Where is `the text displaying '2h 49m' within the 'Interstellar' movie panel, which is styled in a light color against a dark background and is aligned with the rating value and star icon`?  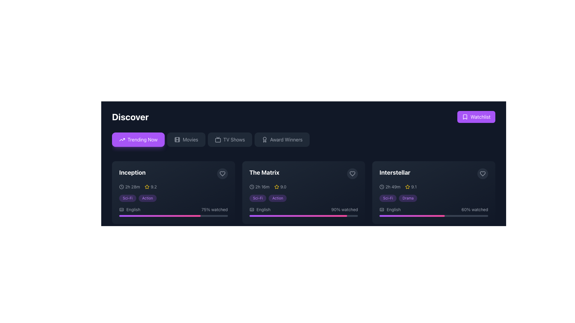 the text displaying '2h 49m' within the 'Interstellar' movie panel, which is styled in a light color against a dark background and is aligned with the rating value and star icon is located at coordinates (393, 186).